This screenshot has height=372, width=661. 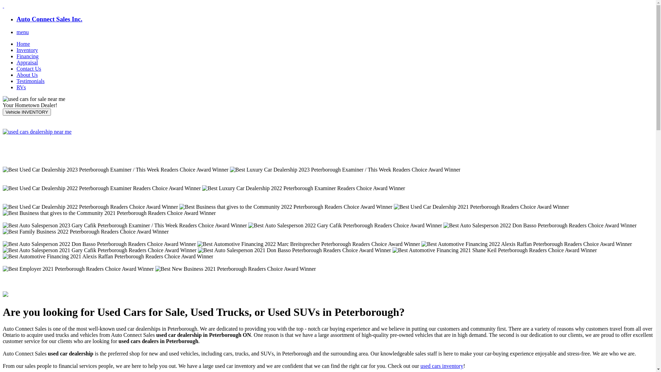 What do you see at coordinates (21, 87) in the screenshot?
I see `'RVs'` at bounding box center [21, 87].